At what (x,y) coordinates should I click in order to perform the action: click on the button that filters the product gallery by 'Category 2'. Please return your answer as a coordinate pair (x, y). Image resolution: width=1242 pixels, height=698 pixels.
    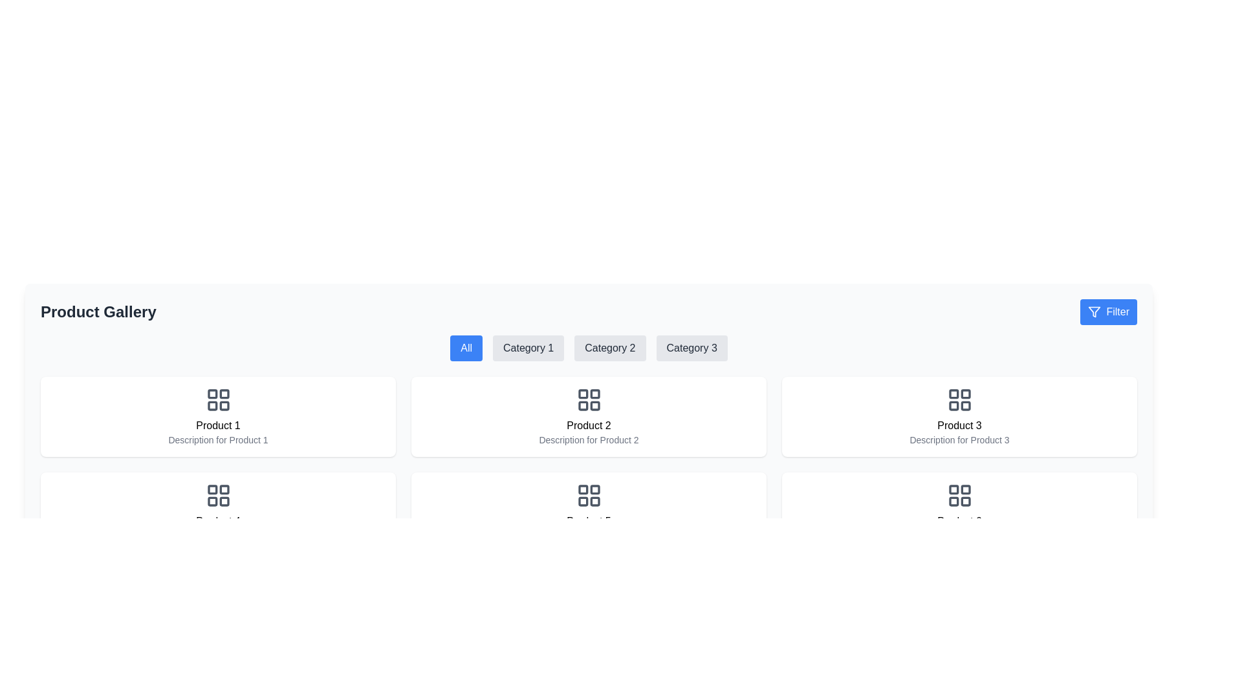
    Looking at the image, I should click on (609, 348).